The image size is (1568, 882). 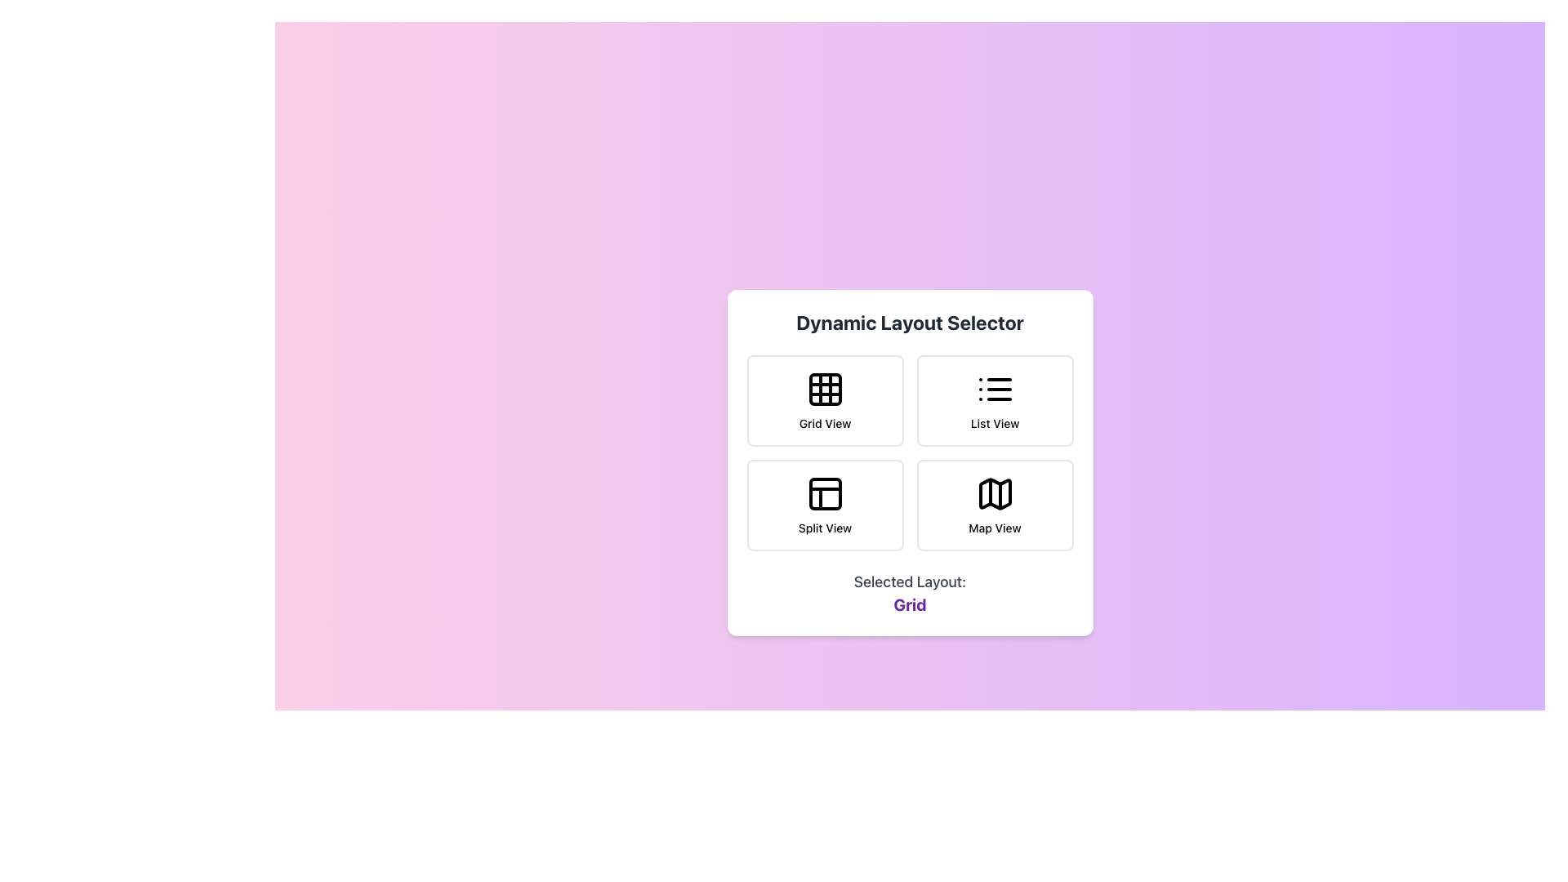 I want to click on the 'List View' button in the Dynamic Layout Selector card, so click(x=994, y=400).